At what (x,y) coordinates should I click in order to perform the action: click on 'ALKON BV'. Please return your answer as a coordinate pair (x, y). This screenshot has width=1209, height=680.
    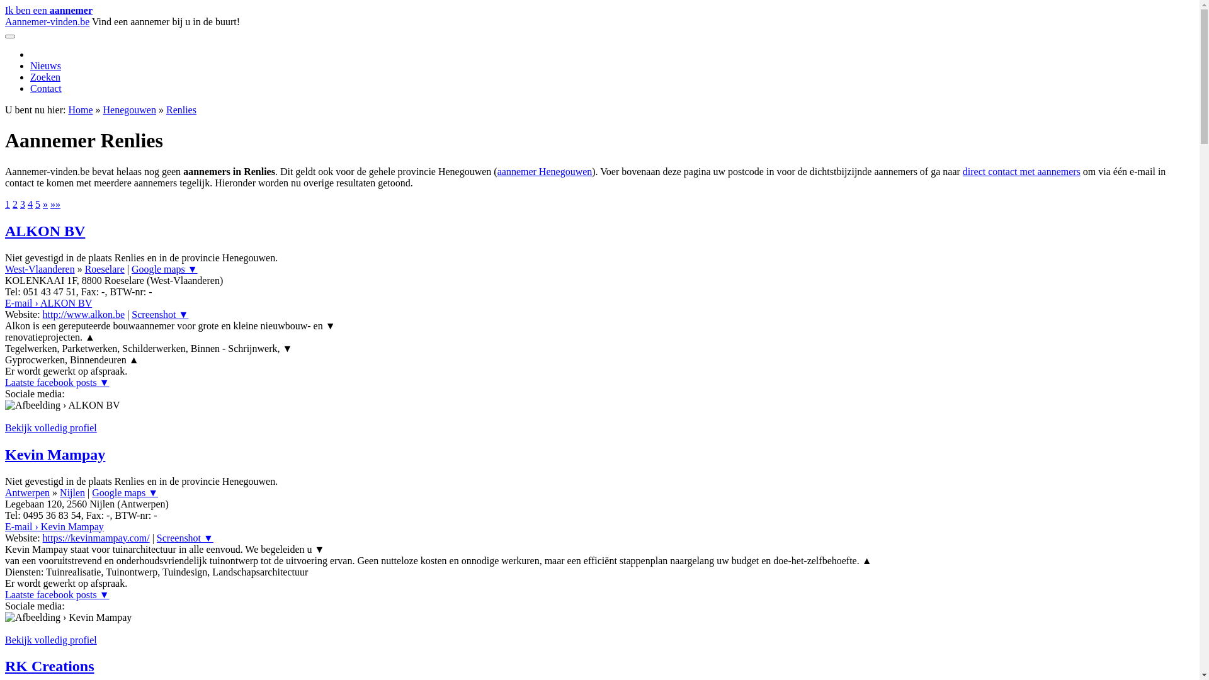
    Looking at the image, I should click on (45, 230).